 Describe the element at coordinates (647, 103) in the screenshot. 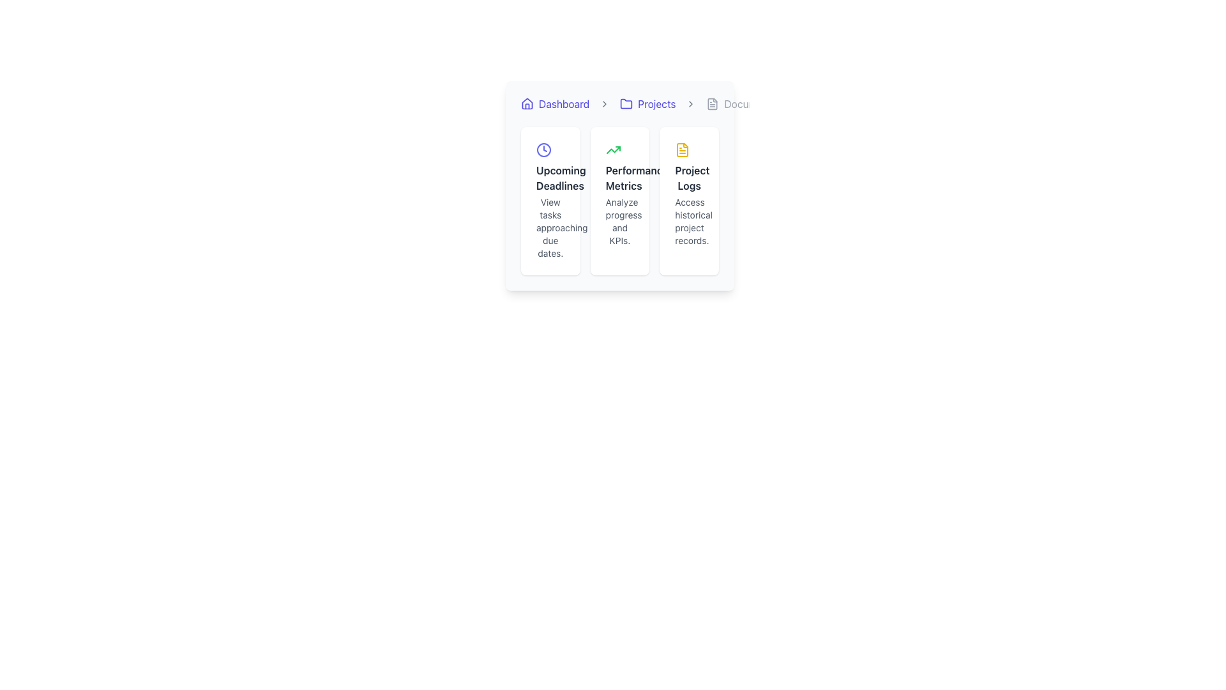

I see `the second item in the breadcrumb navigation bar` at that location.